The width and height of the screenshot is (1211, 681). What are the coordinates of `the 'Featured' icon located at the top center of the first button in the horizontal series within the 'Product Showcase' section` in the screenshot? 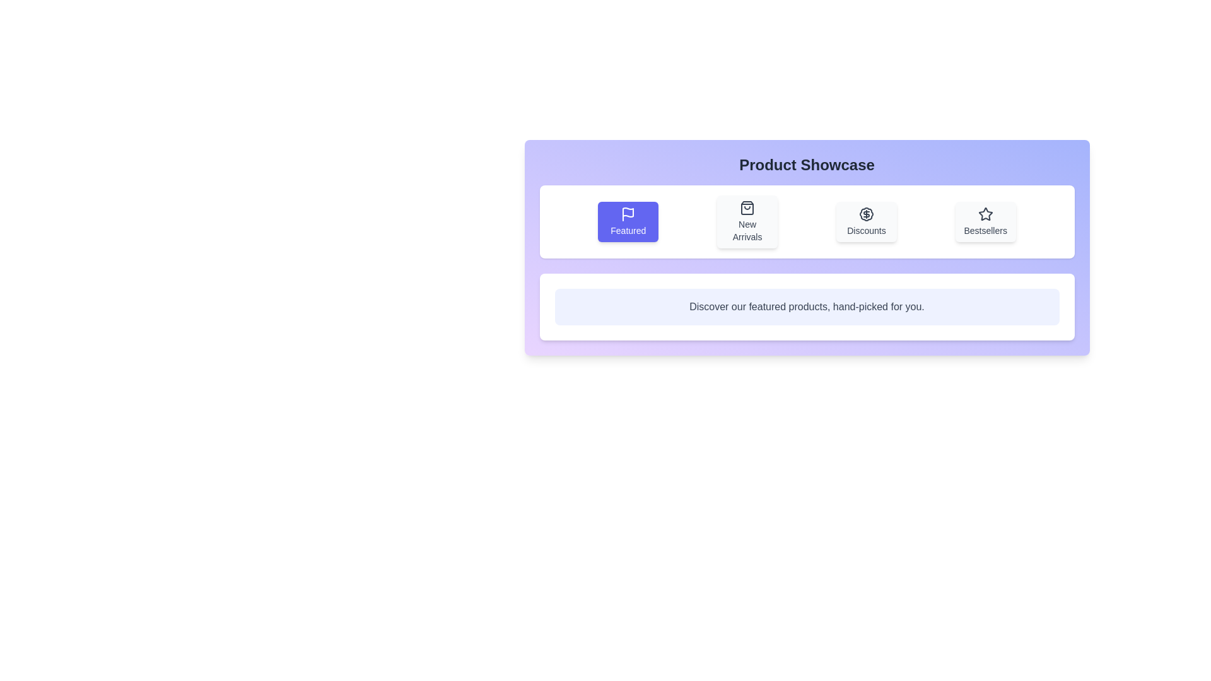 It's located at (628, 213).